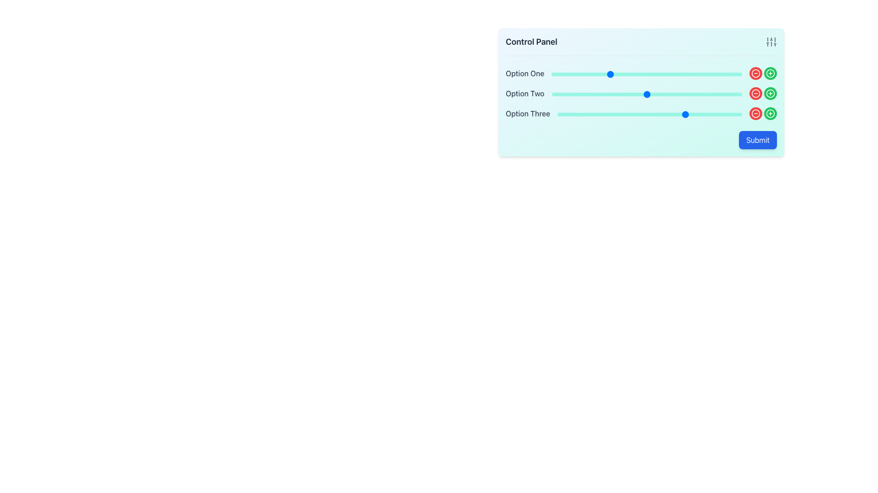 Image resolution: width=878 pixels, height=493 pixels. I want to click on the slider for 'Option Three', so click(701, 114).